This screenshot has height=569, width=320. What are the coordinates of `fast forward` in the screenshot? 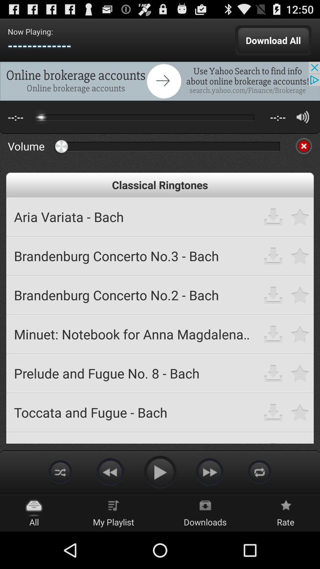 It's located at (209, 471).